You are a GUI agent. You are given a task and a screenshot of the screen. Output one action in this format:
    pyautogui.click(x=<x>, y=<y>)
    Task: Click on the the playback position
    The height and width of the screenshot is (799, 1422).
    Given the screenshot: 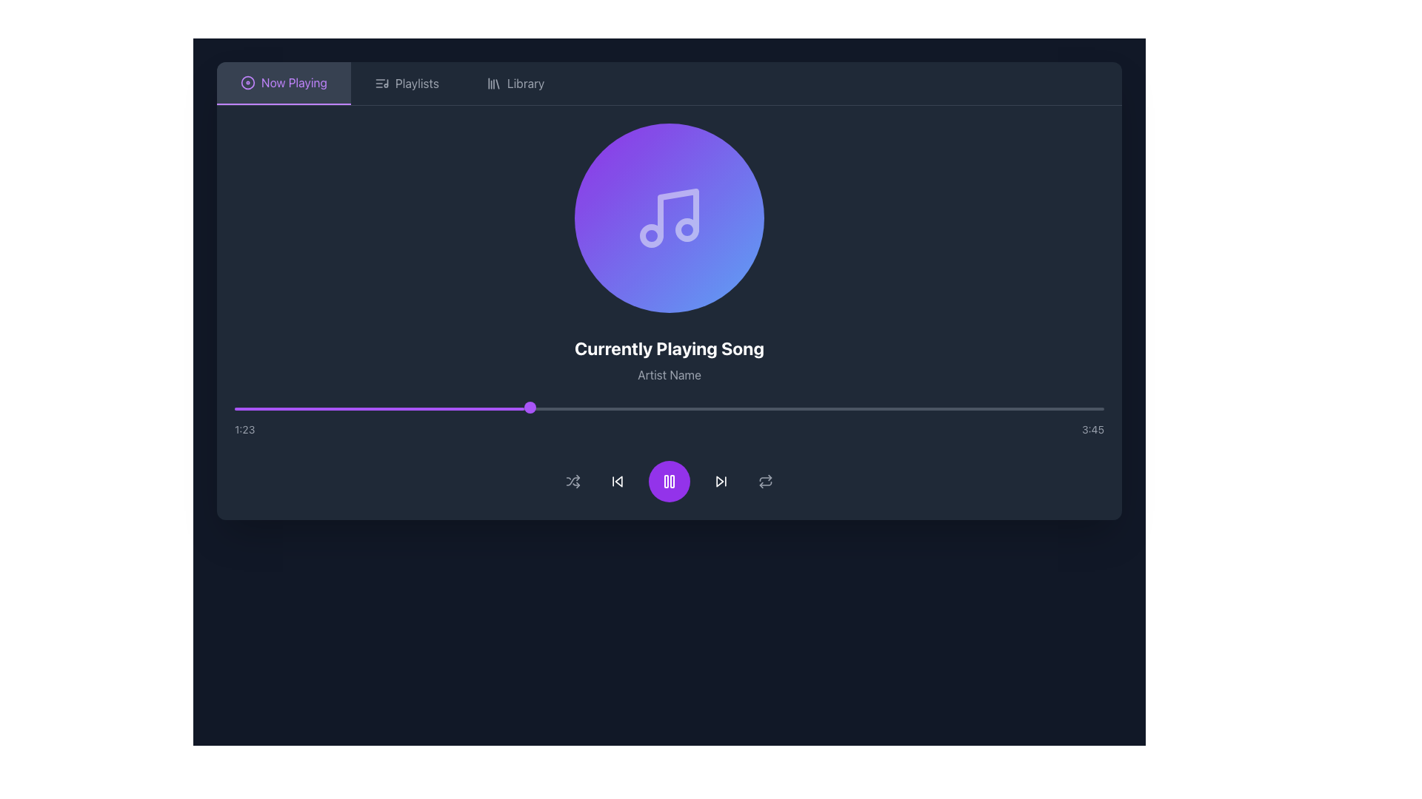 What is the action you would take?
    pyautogui.click(x=590, y=408)
    